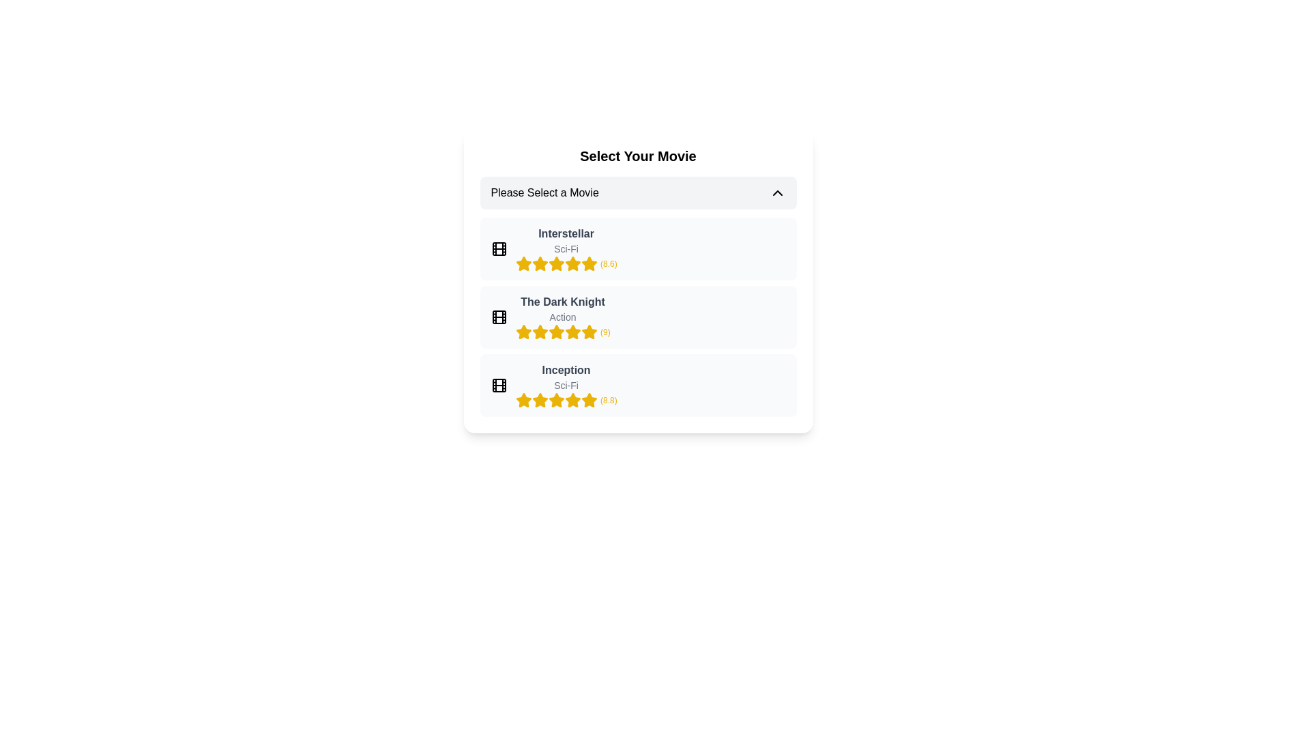 The width and height of the screenshot is (1310, 737). Describe the element at coordinates (566, 385) in the screenshot. I see `the text label displaying the genre 'Sci-Fi' for the movie 'Inception', which is located in the second row of the item's text structure` at that location.